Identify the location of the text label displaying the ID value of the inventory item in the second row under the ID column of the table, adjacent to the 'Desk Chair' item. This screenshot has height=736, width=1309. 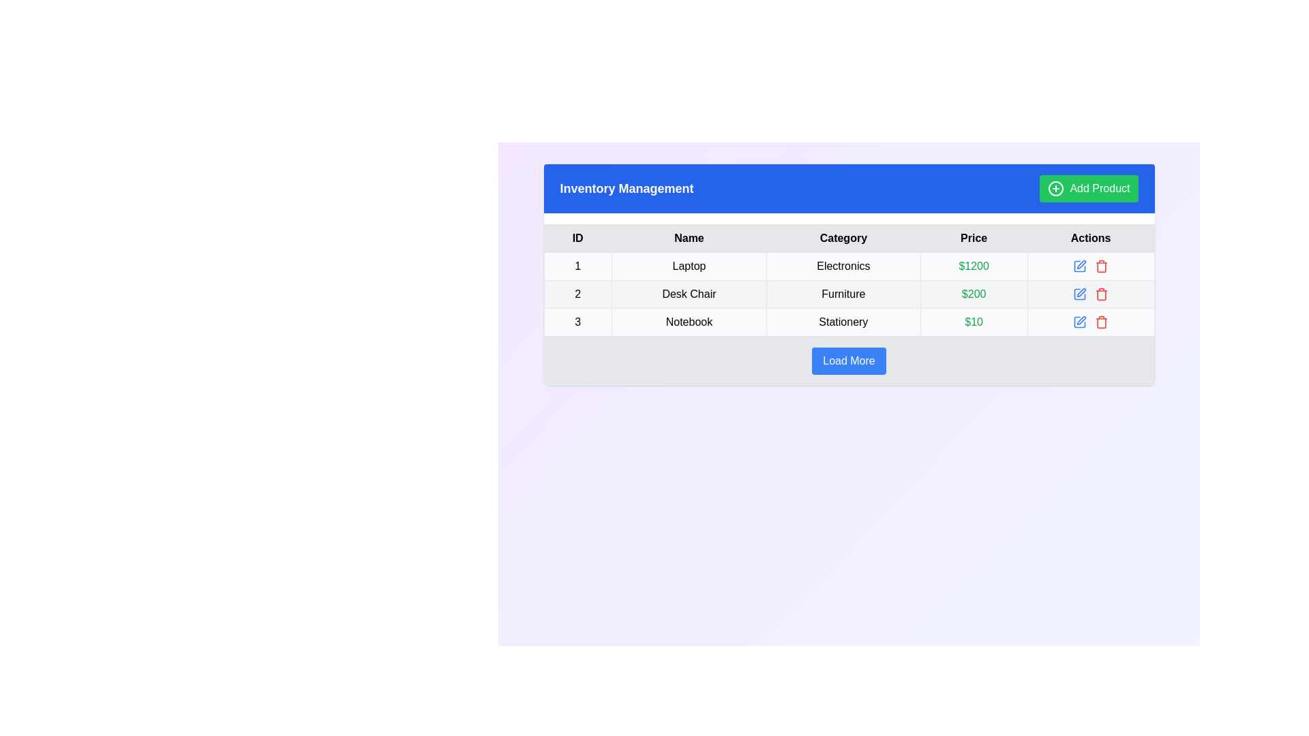
(577, 294).